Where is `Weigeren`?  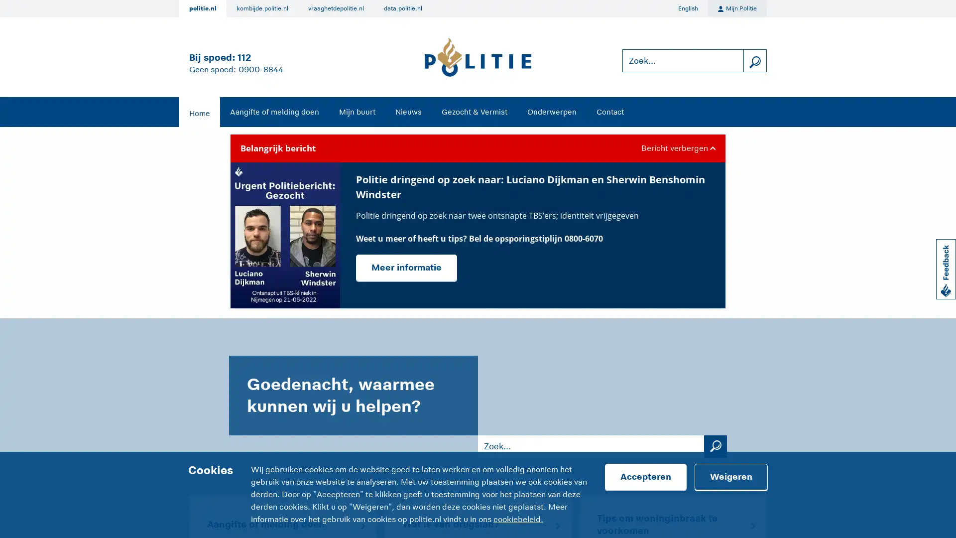 Weigeren is located at coordinates (731, 476).